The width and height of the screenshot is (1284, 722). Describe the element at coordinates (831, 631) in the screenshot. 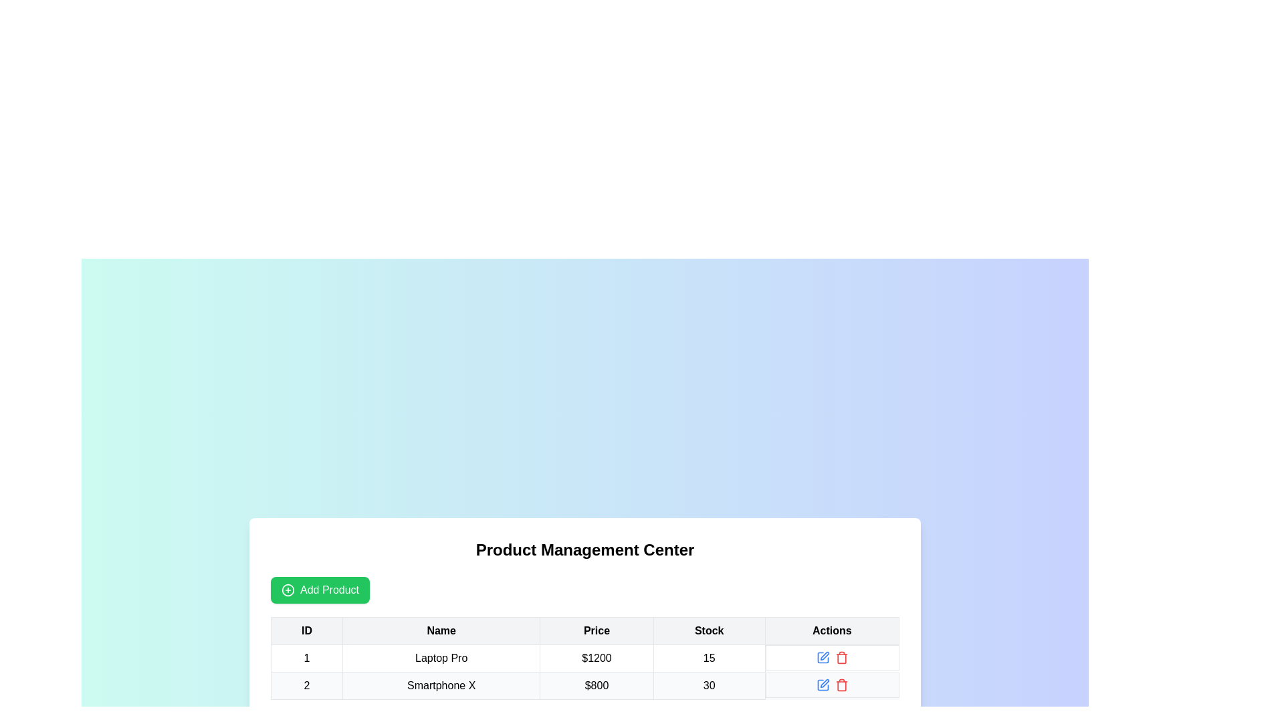

I see `the table header cell labeled 'Actions' which is located in the last column of the table with a light gray background and bold black font` at that location.